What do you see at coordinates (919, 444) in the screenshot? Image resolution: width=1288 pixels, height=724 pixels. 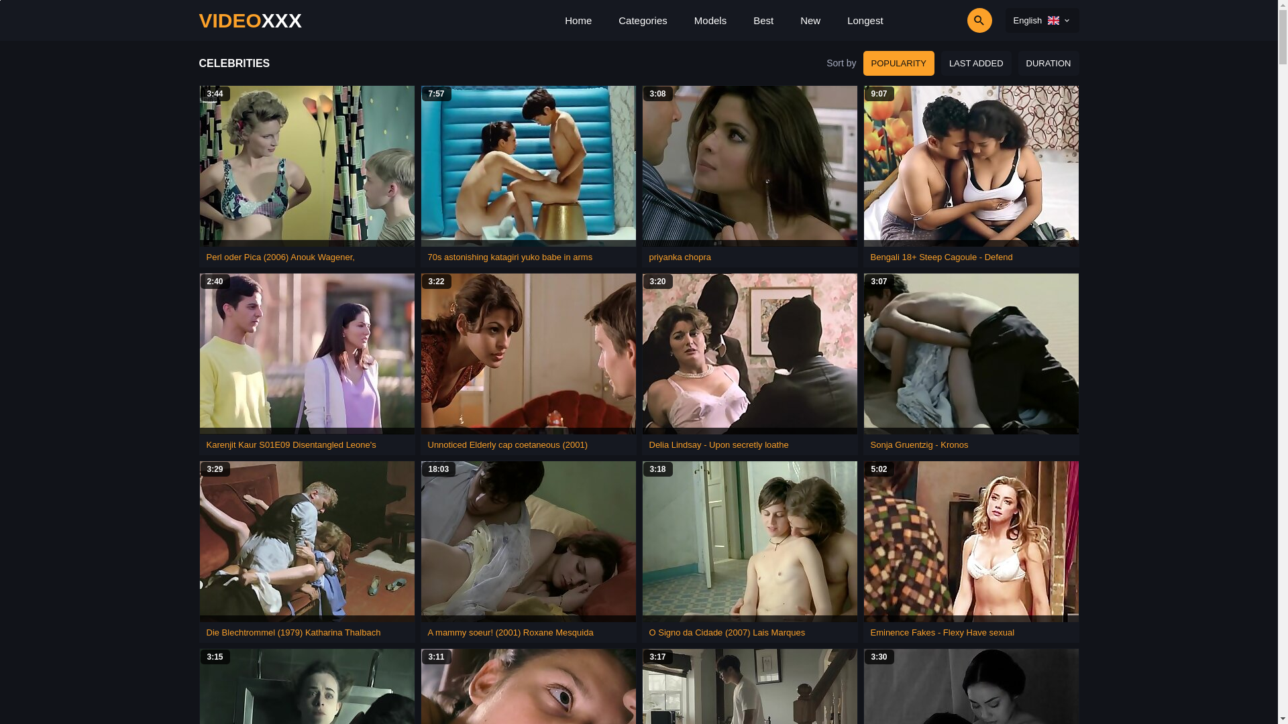 I see `'Sonja Gruentzig - Kronos'` at bounding box center [919, 444].